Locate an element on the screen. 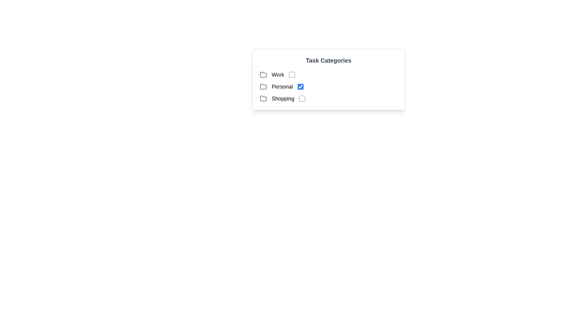 The height and width of the screenshot is (322, 572). text label displaying 'Personal', which is styled in a larger font size and bold type, positioned between a folder icon and a checkbox in the second row of the 'Task Categories' list is located at coordinates (282, 86).